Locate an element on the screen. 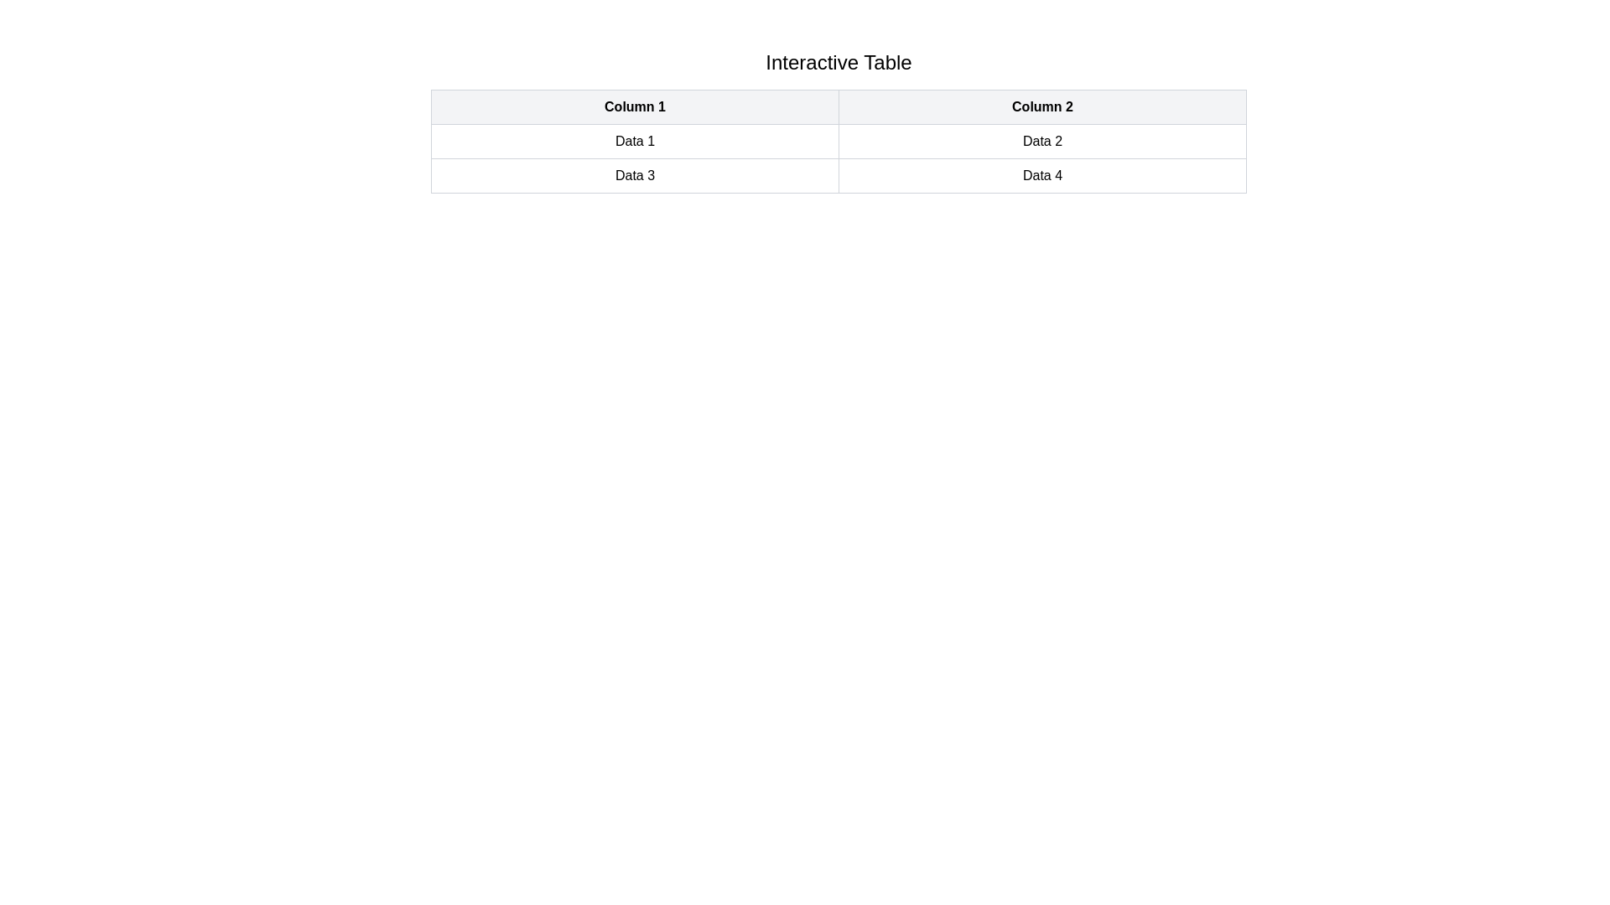 This screenshot has width=1610, height=905. the column header Column 1 to interact with it is located at coordinates (634, 106).